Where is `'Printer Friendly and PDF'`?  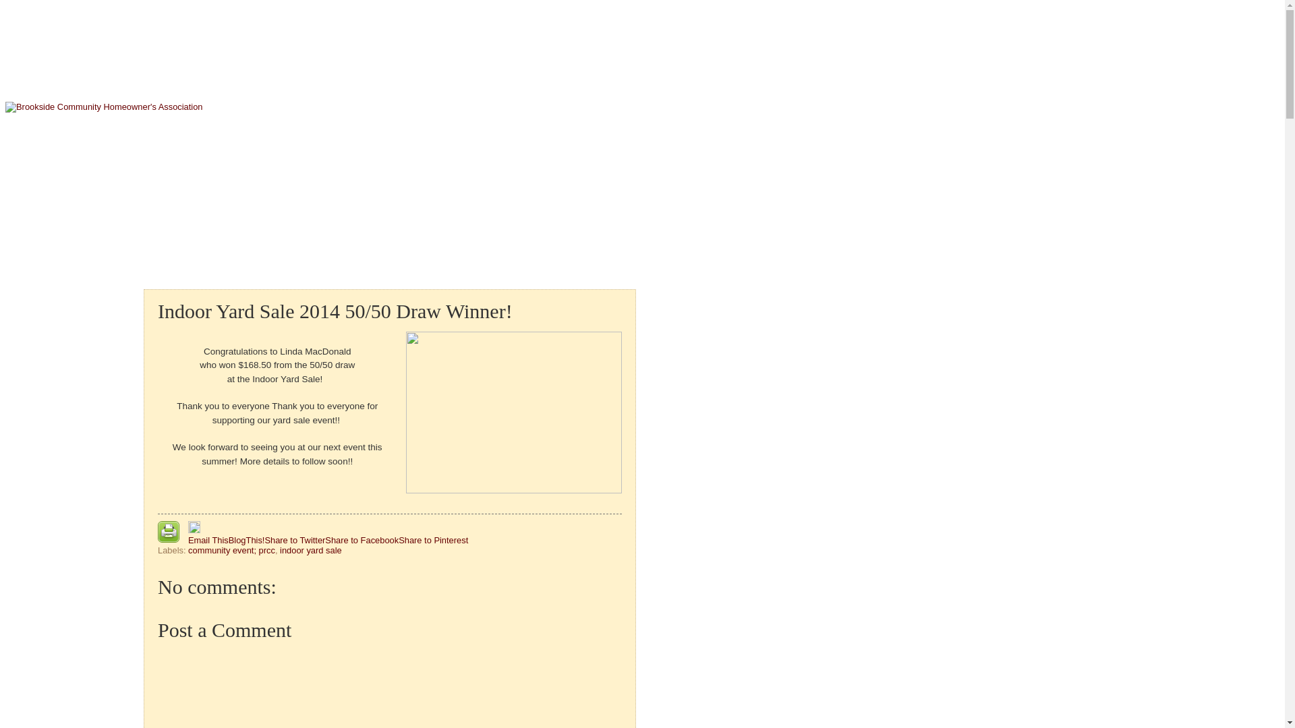
'Printer Friendly and PDF' is located at coordinates (158, 532).